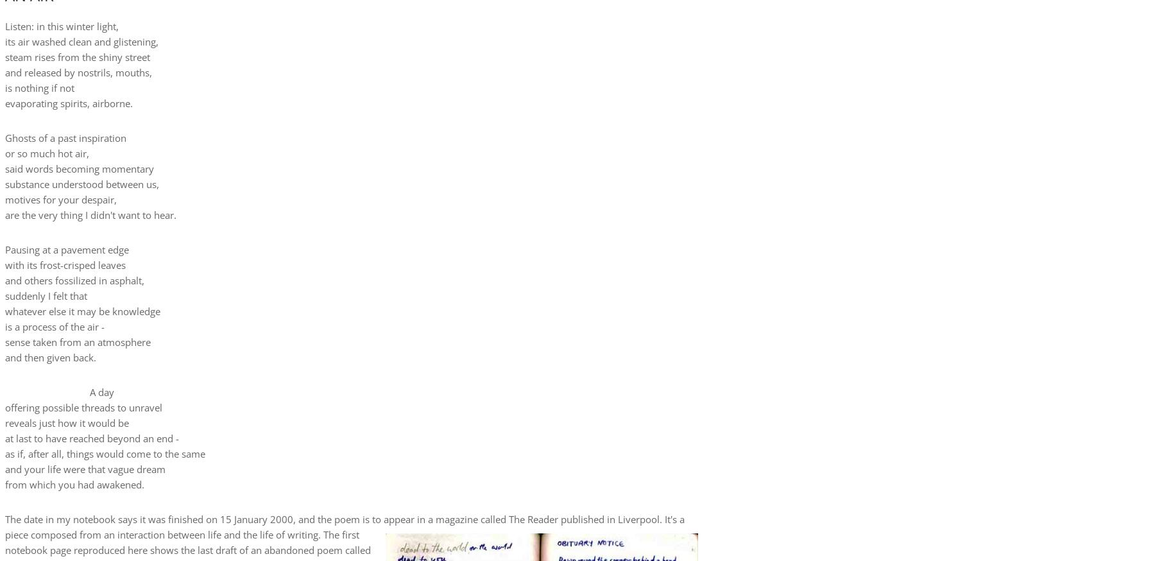 This screenshot has width=1155, height=561. What do you see at coordinates (90, 214) in the screenshot?
I see `'are the very thing I didn't want to hear.'` at bounding box center [90, 214].